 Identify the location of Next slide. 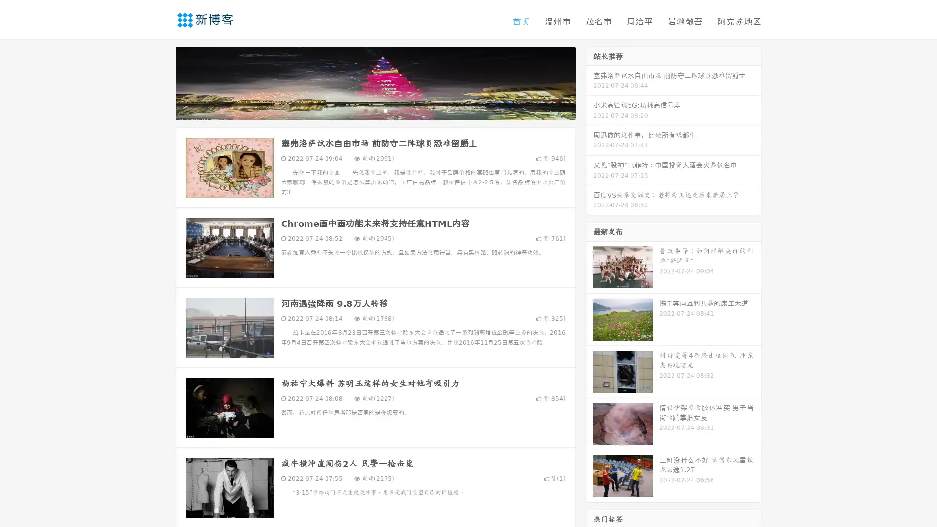
(590, 82).